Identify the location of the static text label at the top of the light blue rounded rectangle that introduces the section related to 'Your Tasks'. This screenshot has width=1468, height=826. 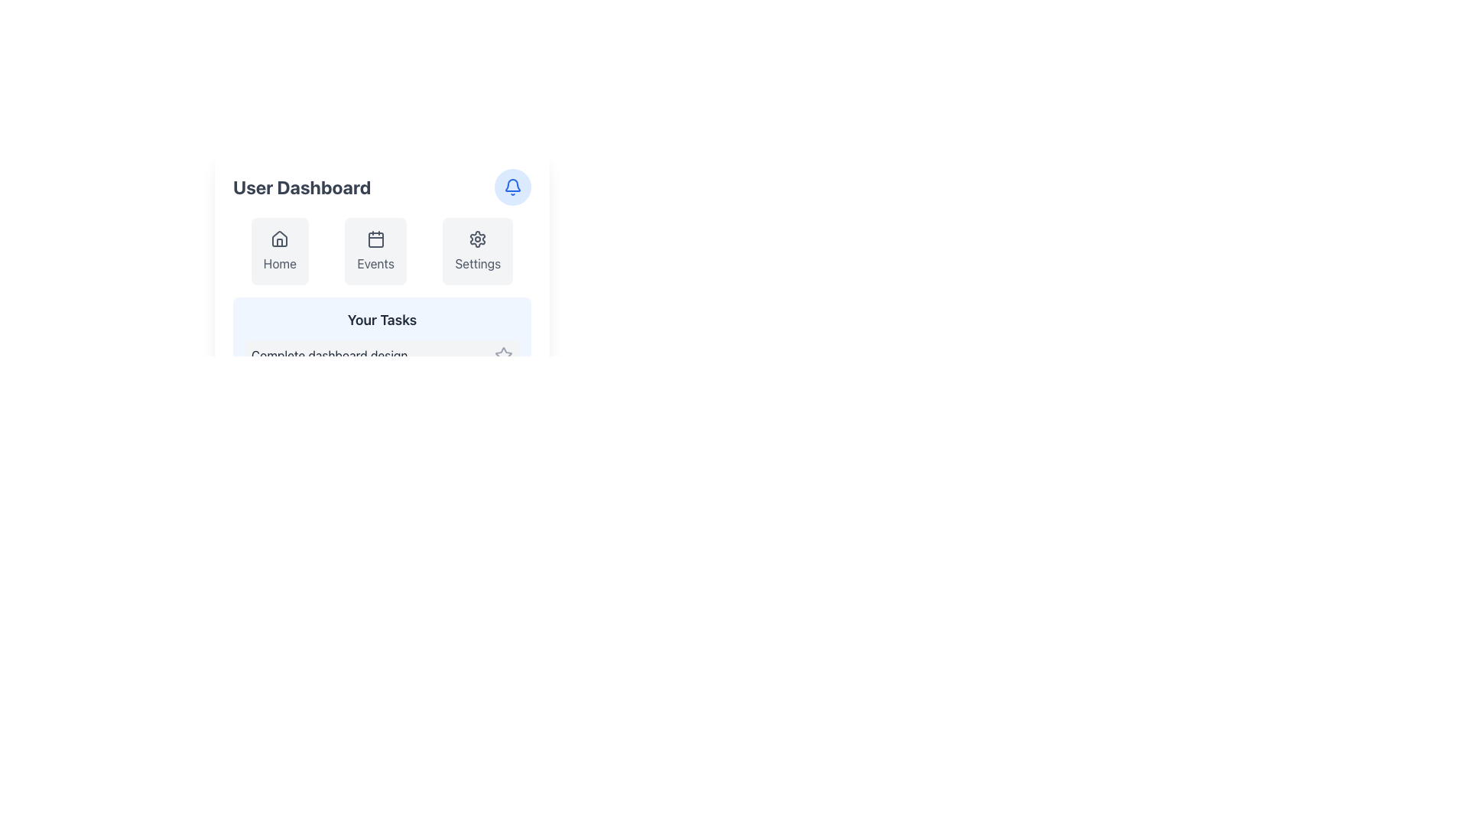
(382, 320).